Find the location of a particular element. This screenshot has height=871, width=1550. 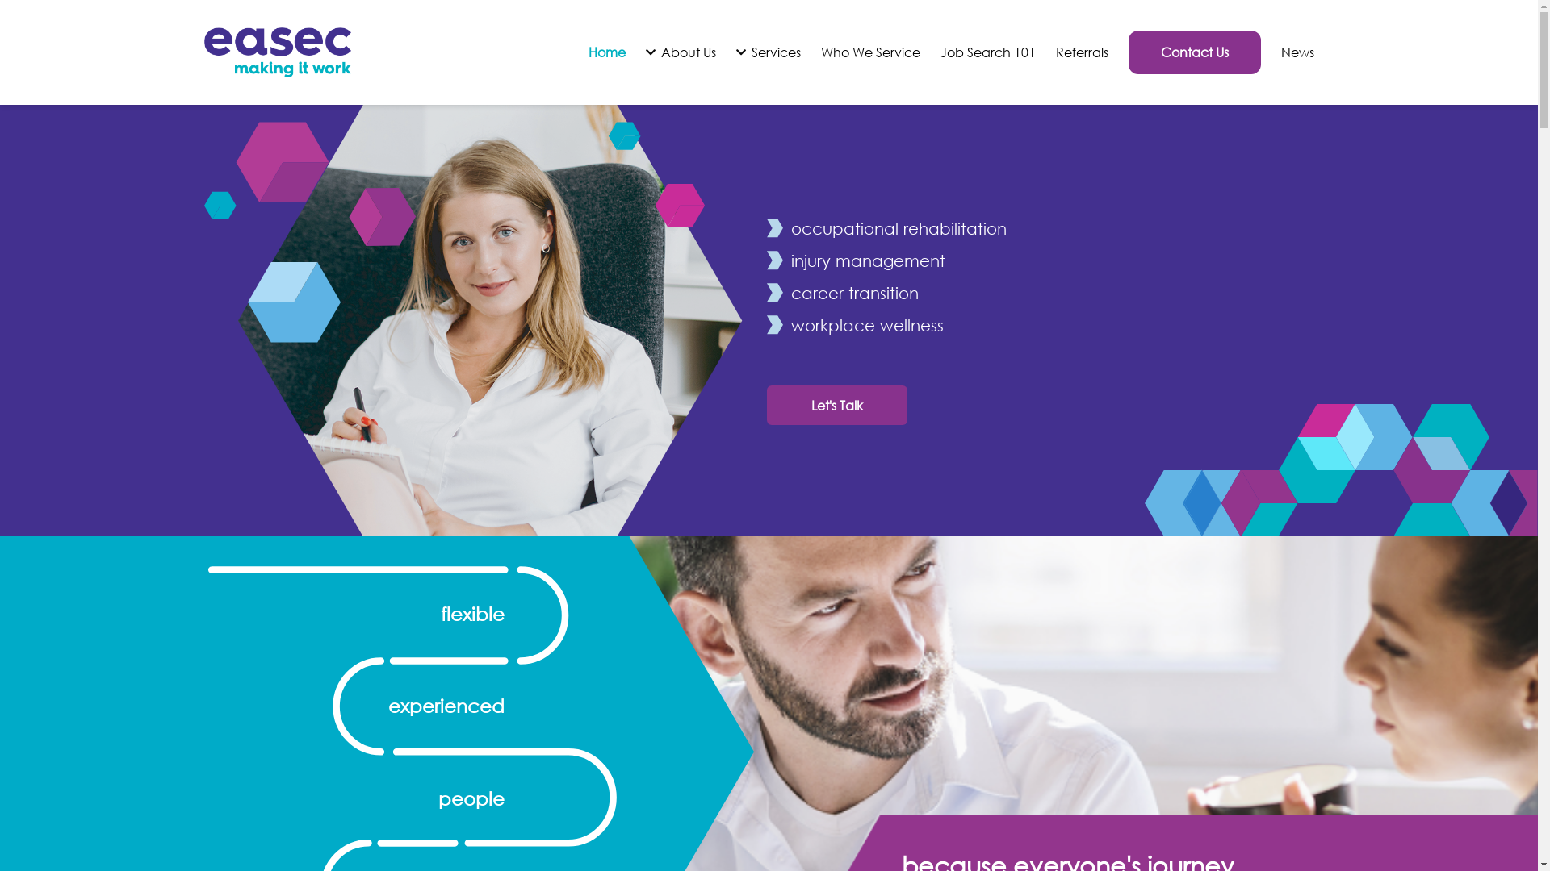

'About Us' is located at coordinates (681, 52).